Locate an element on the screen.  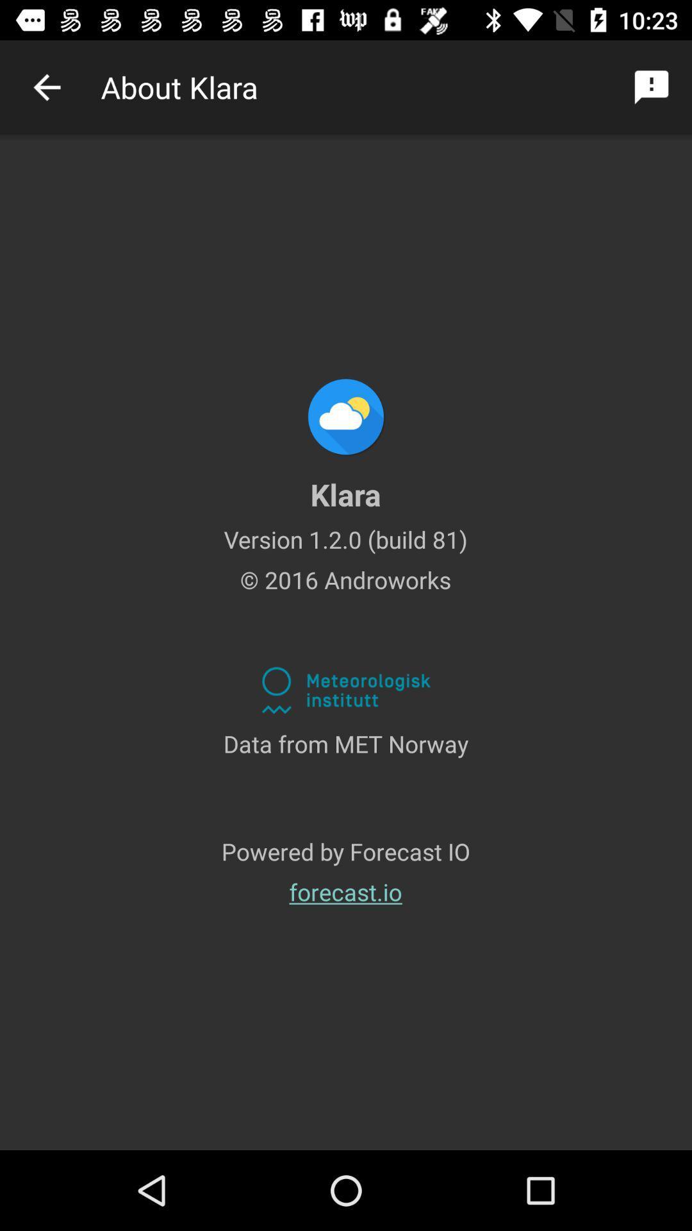
item to the left of the about klara item is located at coordinates (46, 87).